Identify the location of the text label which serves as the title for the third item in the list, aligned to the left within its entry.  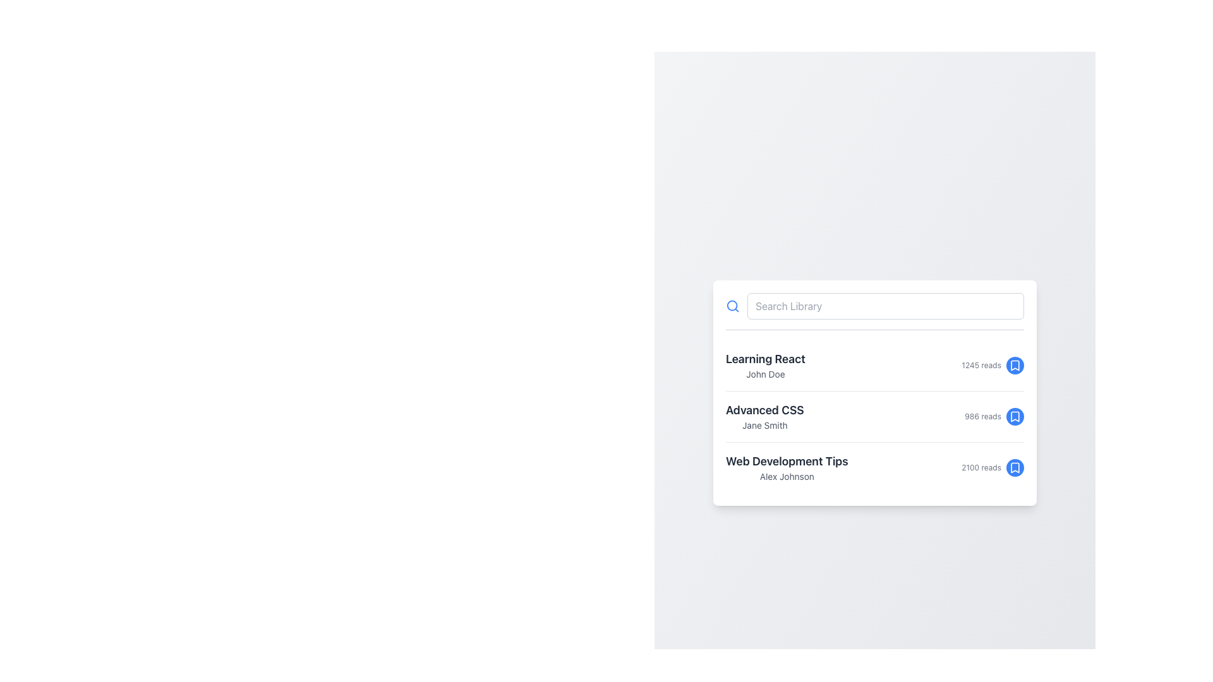
(786, 461).